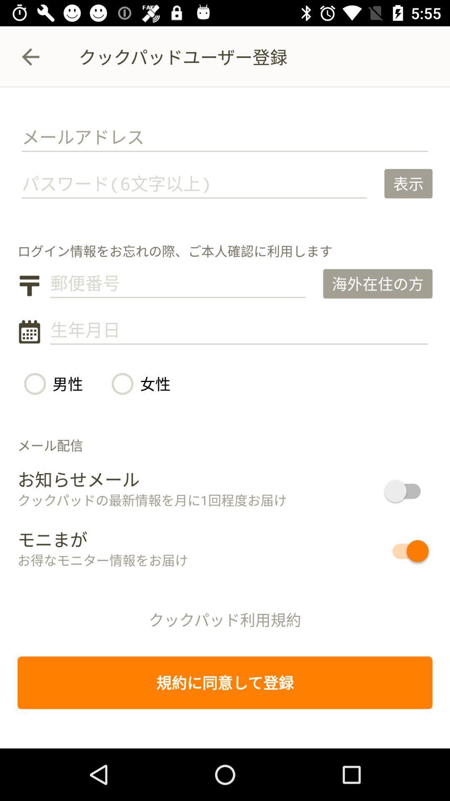 This screenshot has width=450, height=801. I want to click on icon at the bottom right corner, so click(380, 551).